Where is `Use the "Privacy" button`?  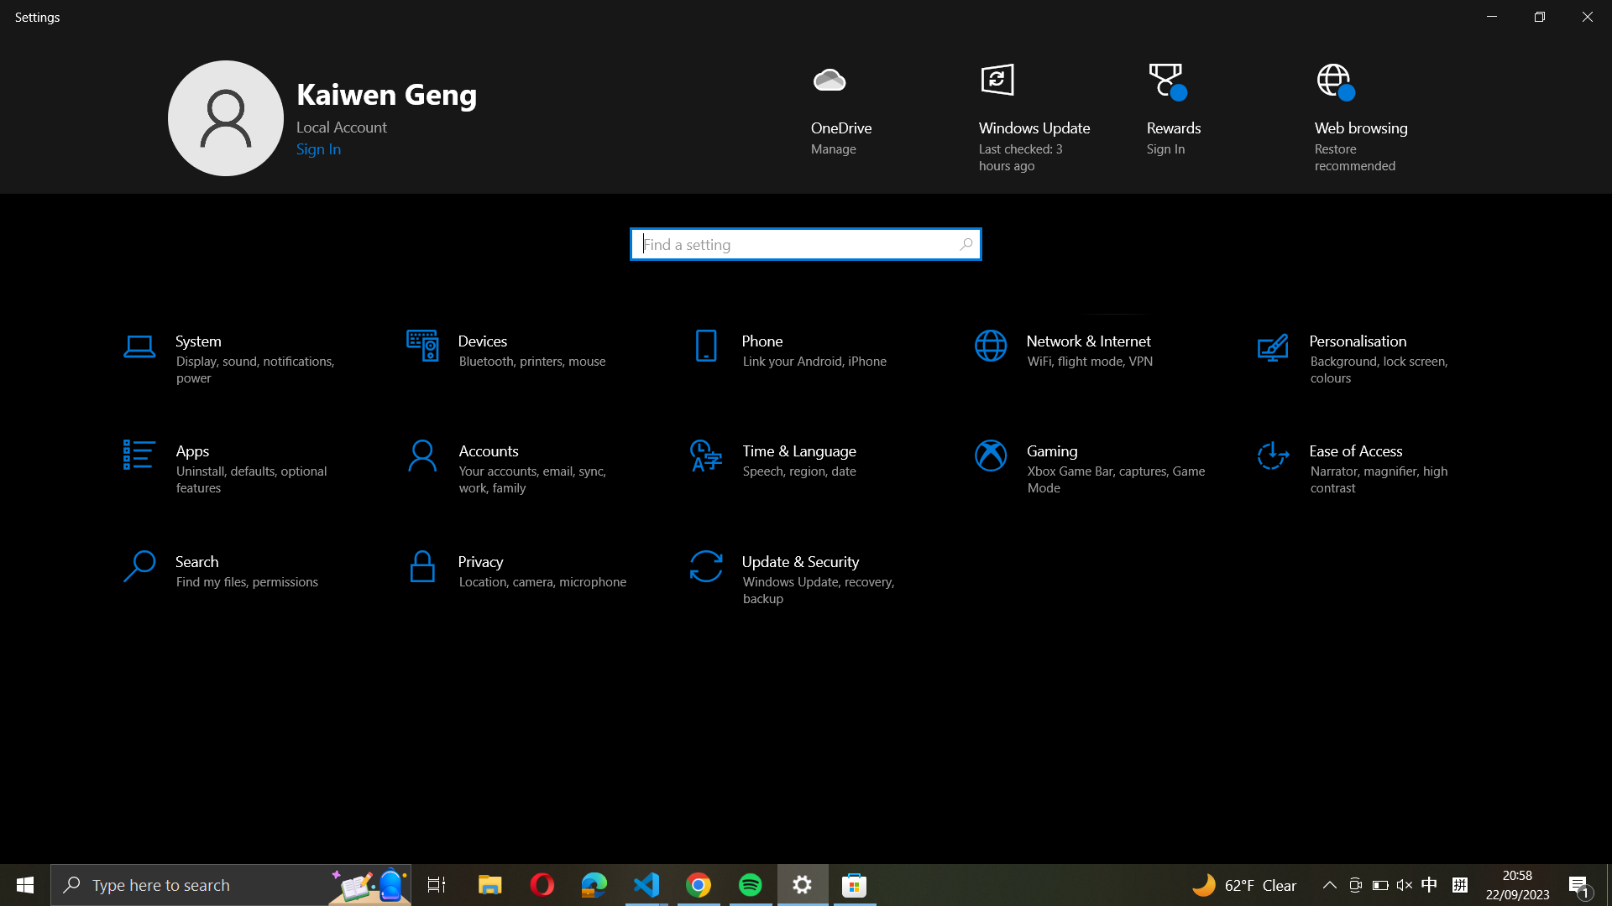
Use the "Privacy" button is located at coordinates (522, 569).